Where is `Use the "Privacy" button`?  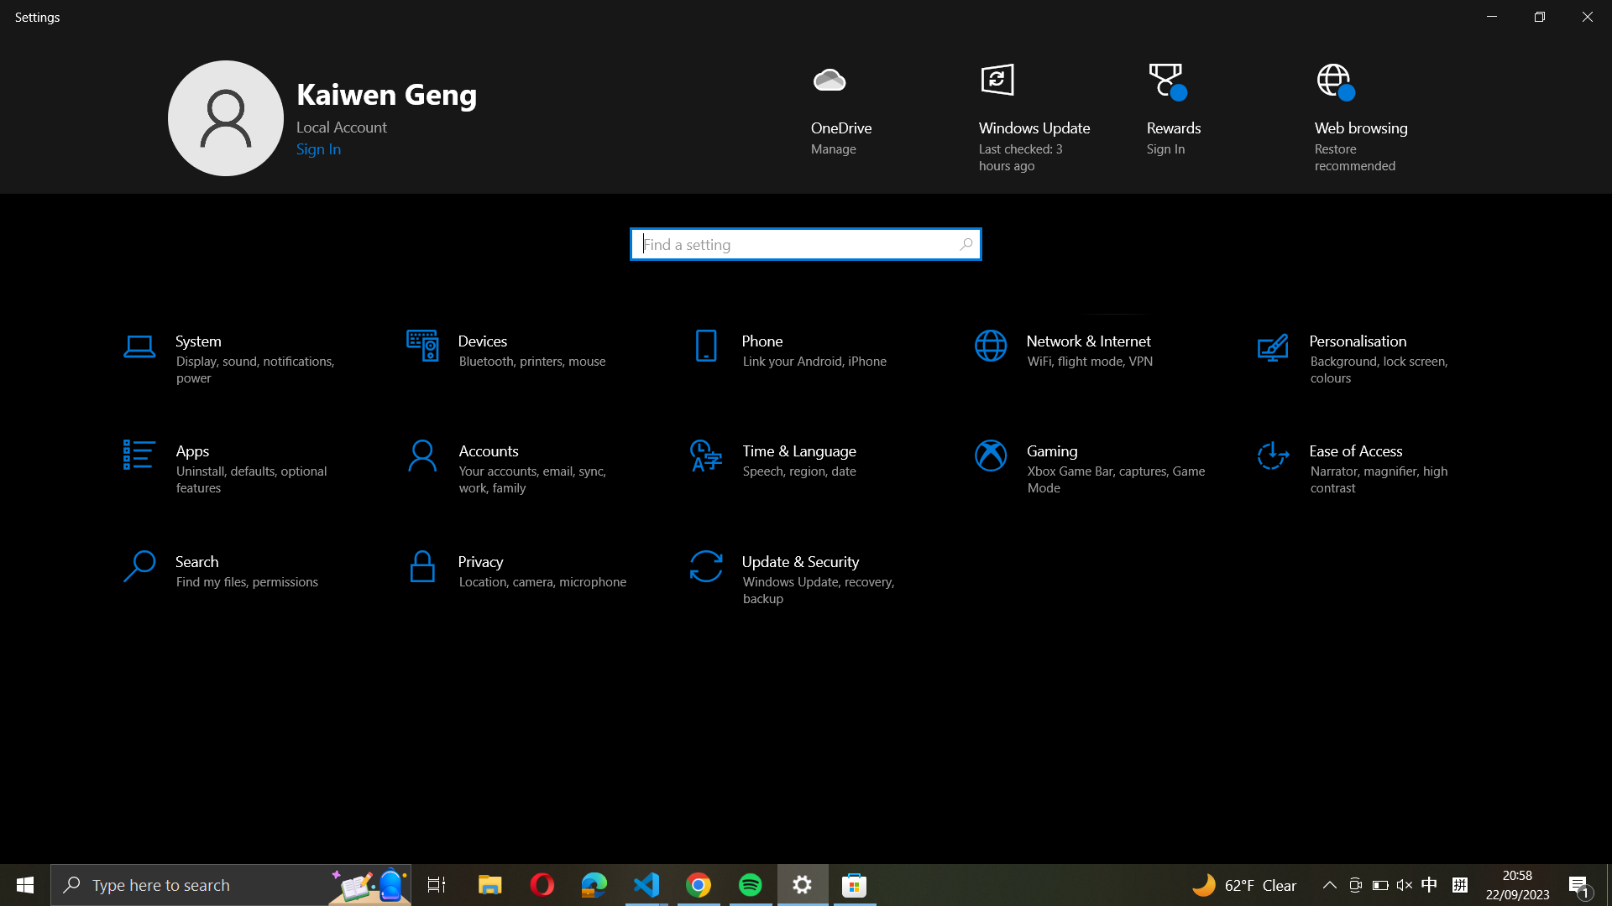
Use the "Privacy" button is located at coordinates (522, 569).